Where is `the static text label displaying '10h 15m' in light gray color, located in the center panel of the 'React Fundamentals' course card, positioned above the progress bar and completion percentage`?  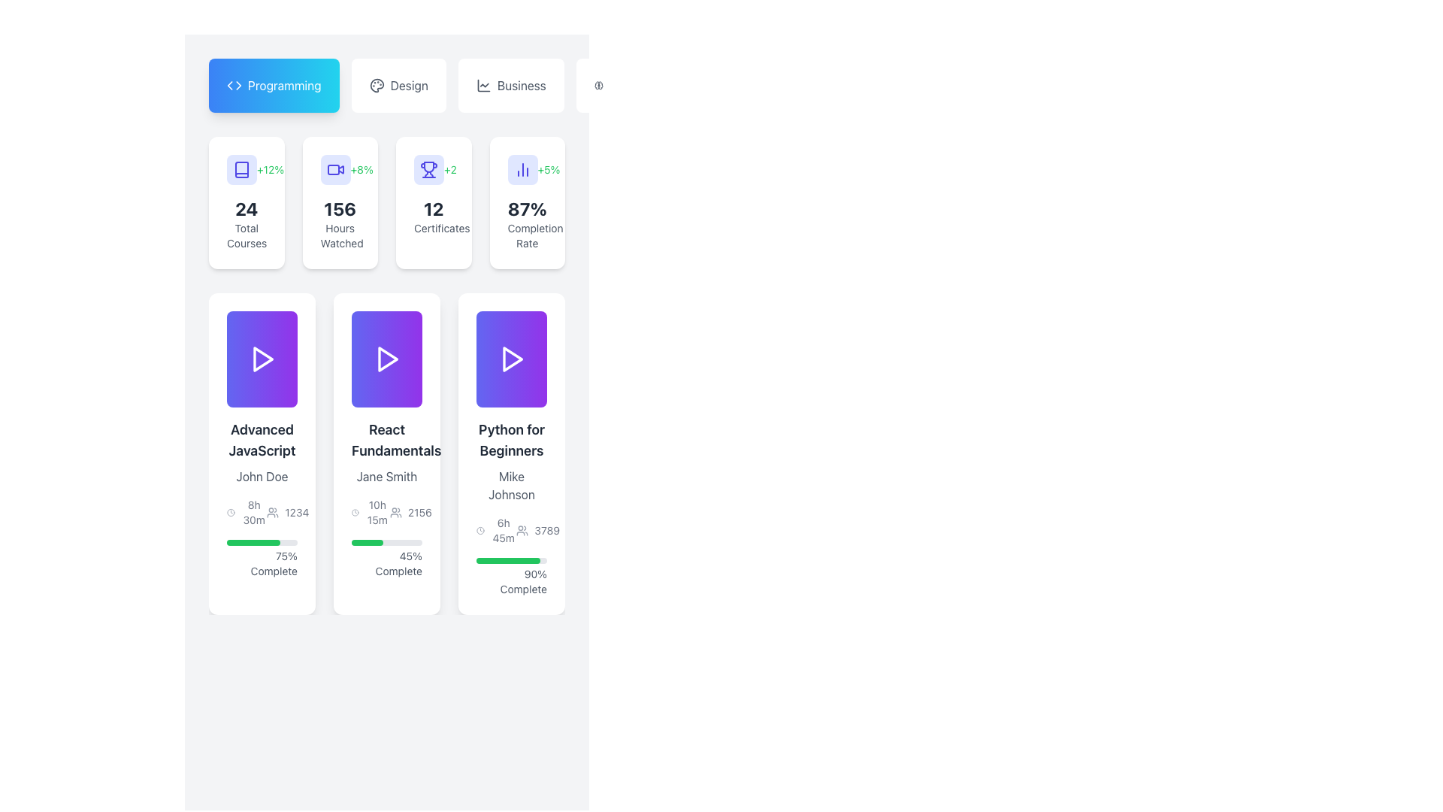
the static text label displaying '10h 15m' in light gray color, located in the center panel of the 'React Fundamentals' course card, positioned above the progress bar and completion percentage is located at coordinates (377, 512).